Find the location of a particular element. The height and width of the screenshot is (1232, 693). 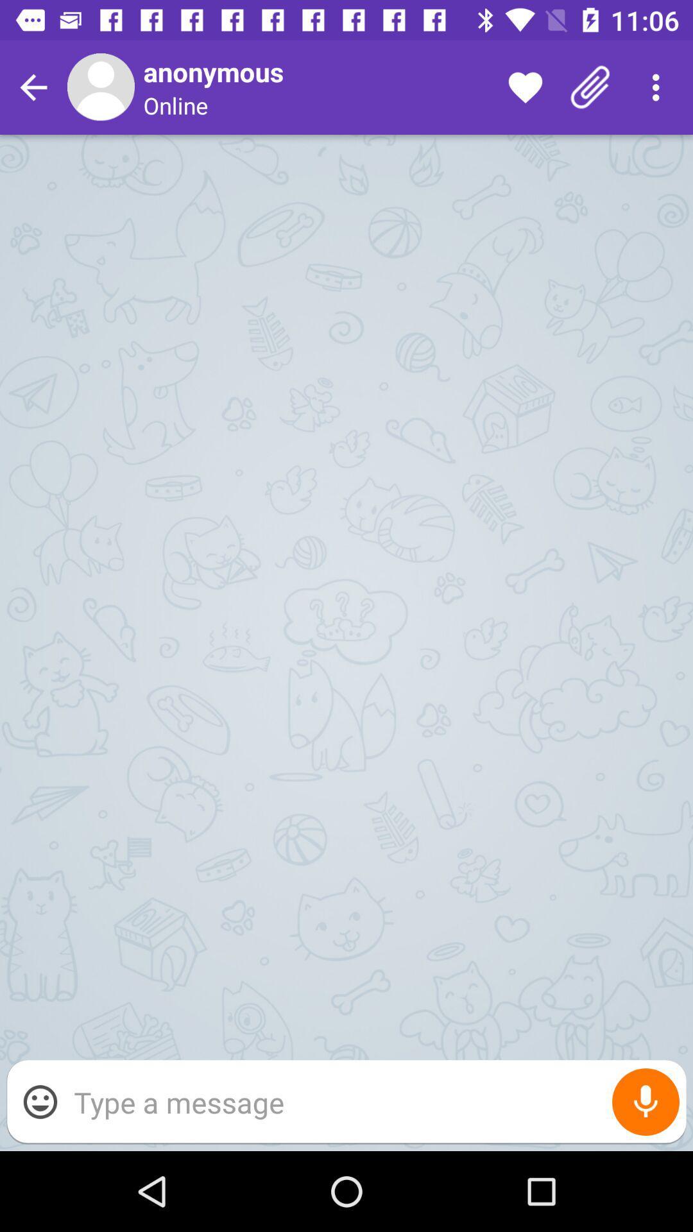

use an emoji in your chat is located at coordinates (39, 1101).